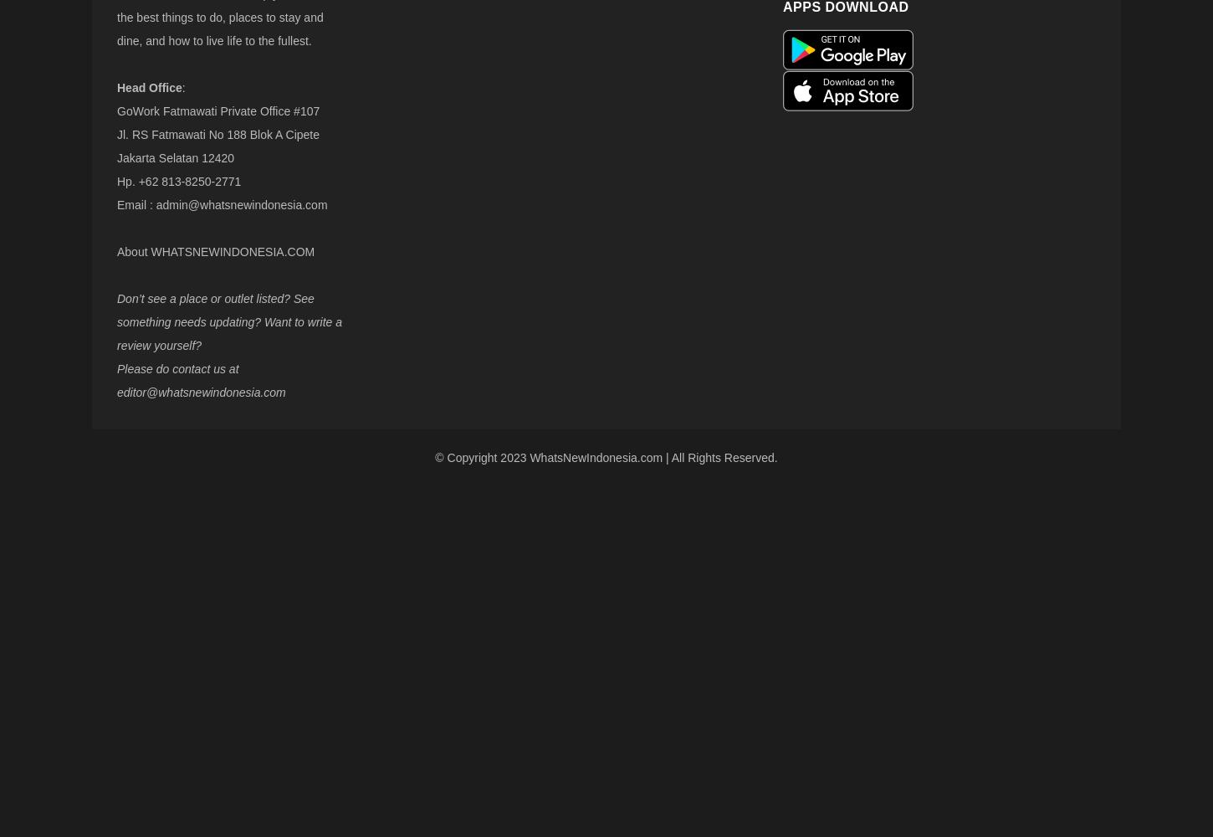  I want to click on '© Copyright 2023 WhatsNewIndonesia.com | All Rights Reserved.', so click(605, 458).